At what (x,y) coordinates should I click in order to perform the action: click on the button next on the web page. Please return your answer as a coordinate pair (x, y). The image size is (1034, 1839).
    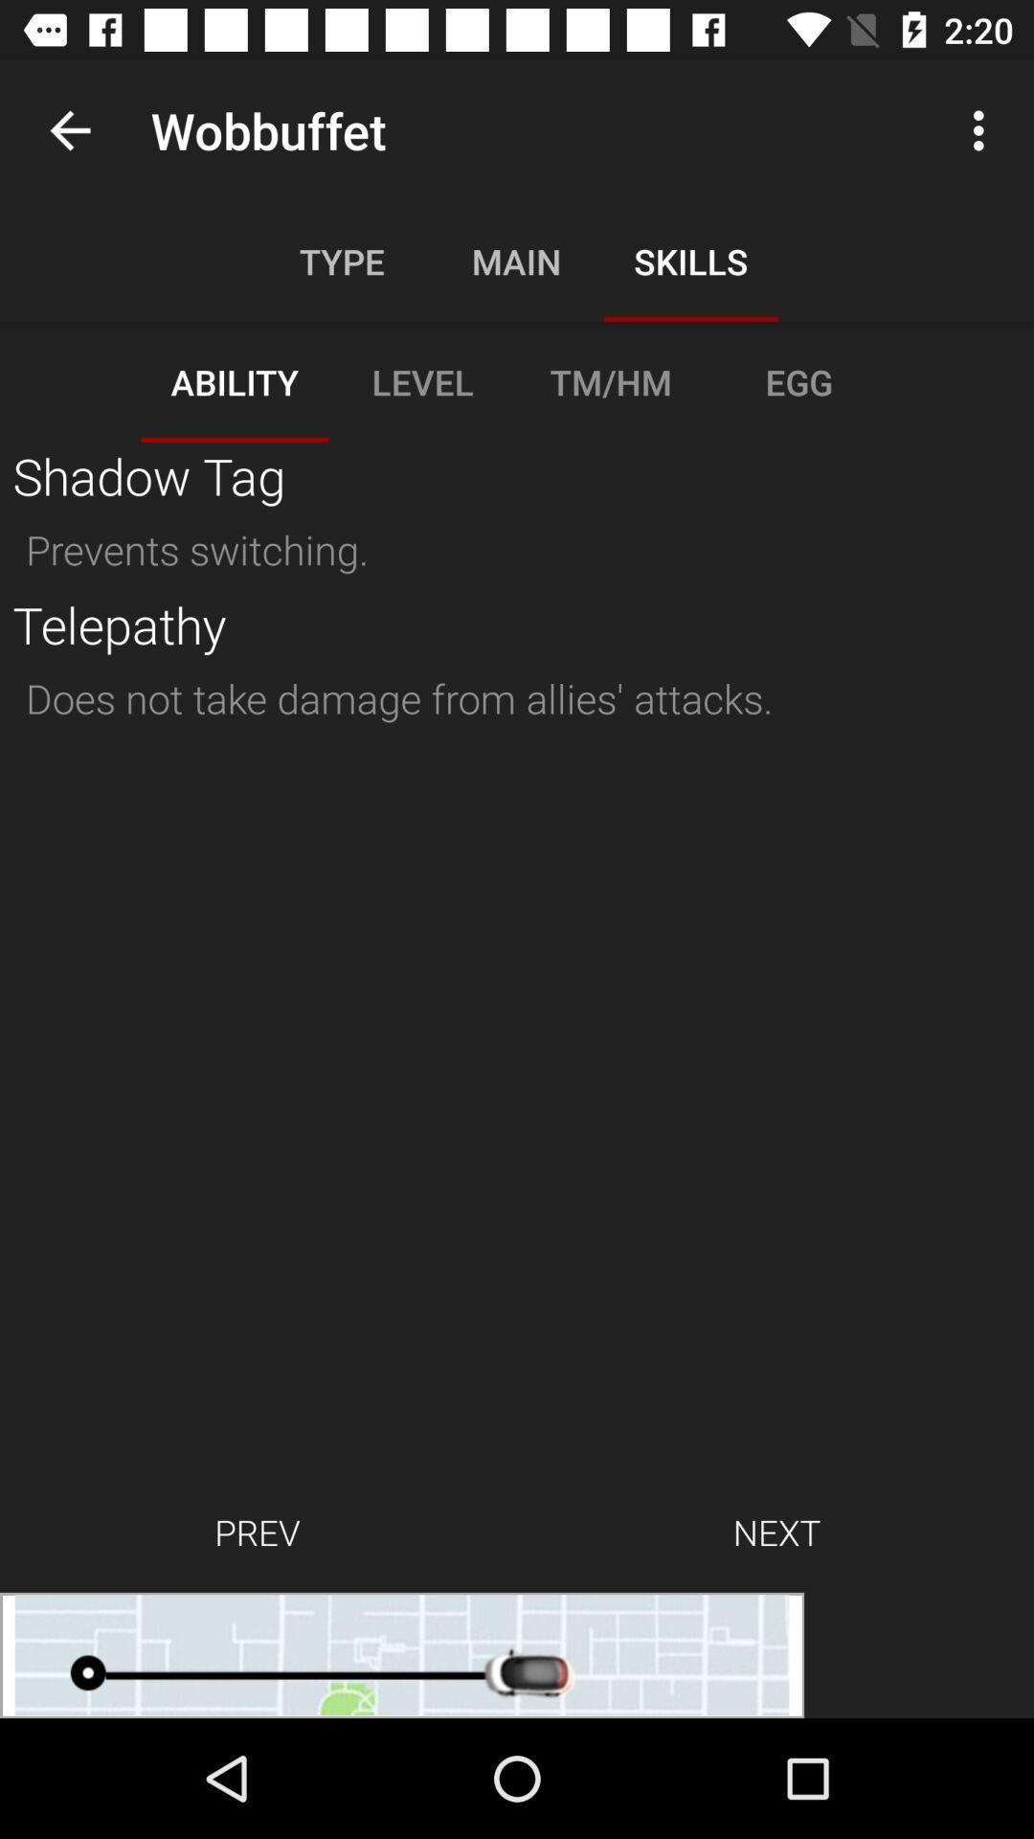
    Looking at the image, I should click on (776, 1531).